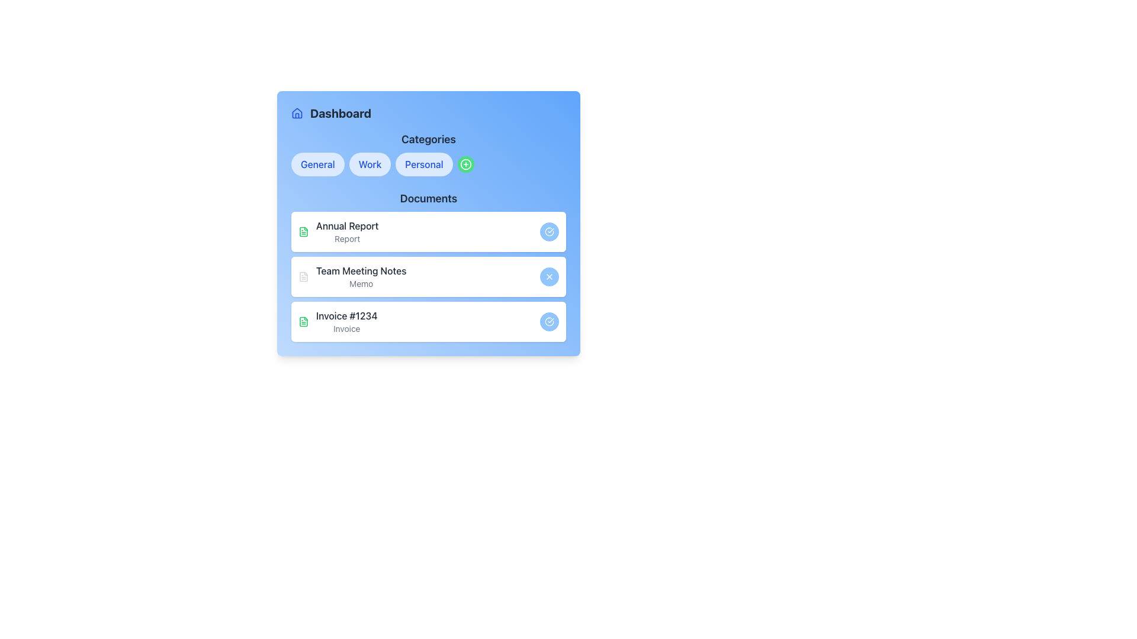 The image size is (1137, 639). I want to click on the 'Personal' button, which is the third button in a group of radio-button styled options labeled 'General', 'Work', and 'Personal', located under the 'Categories' heading, so click(428, 164).